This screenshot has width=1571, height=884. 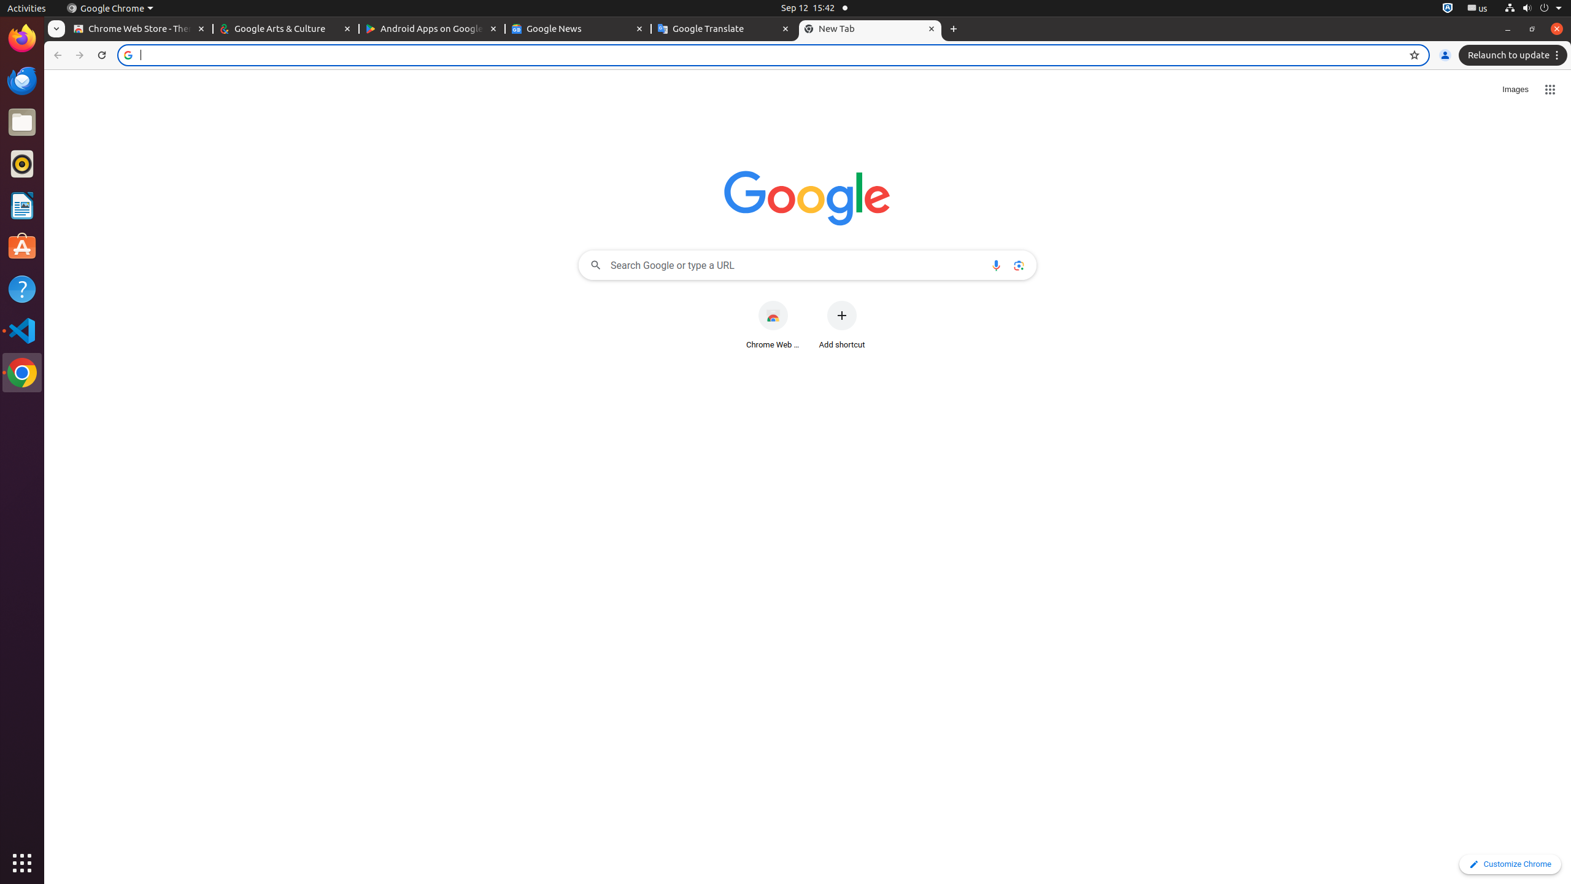 I want to click on 'Files', so click(x=22, y=122).